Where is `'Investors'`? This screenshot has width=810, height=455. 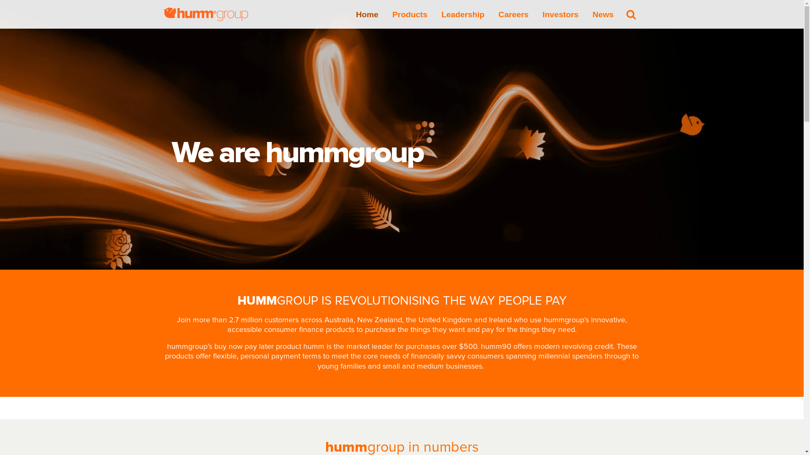
'Investors' is located at coordinates (560, 14).